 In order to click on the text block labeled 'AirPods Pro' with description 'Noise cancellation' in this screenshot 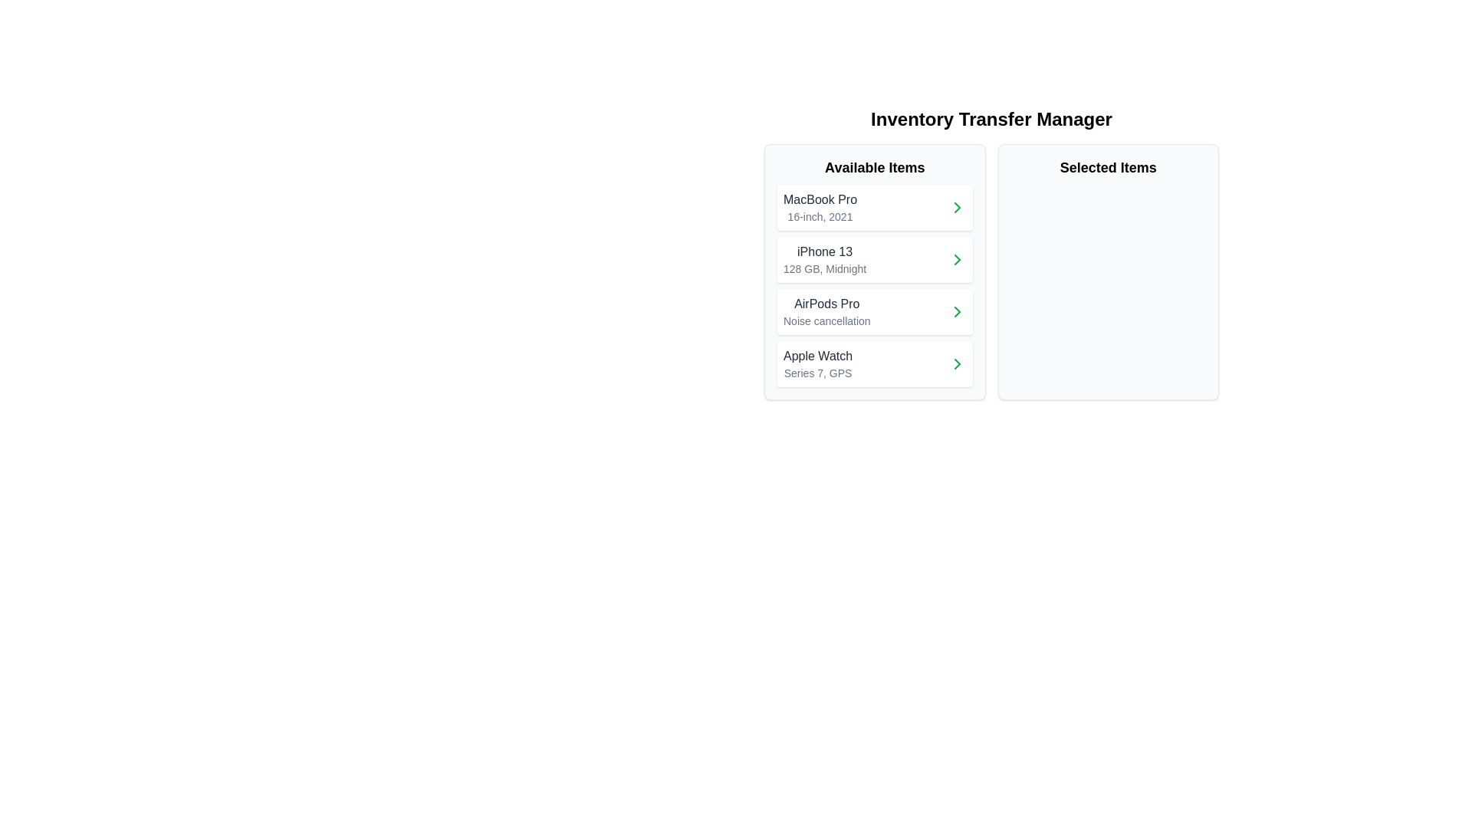, I will do `click(826, 311)`.